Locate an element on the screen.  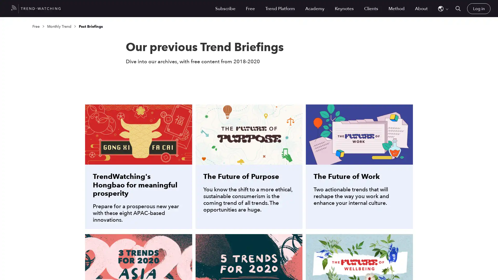
Sign up is located at coordinates (302, 168).